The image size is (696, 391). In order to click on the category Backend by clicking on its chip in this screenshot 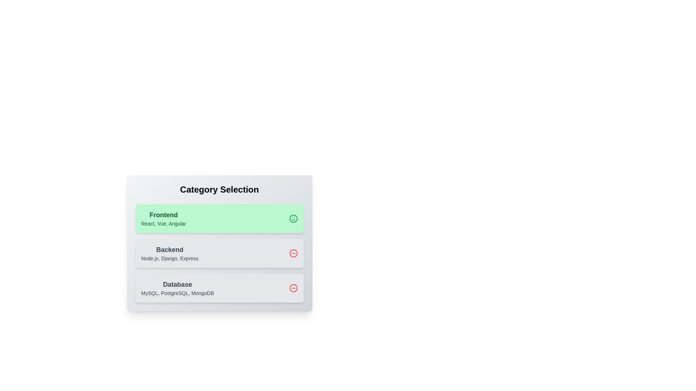, I will do `click(219, 253)`.